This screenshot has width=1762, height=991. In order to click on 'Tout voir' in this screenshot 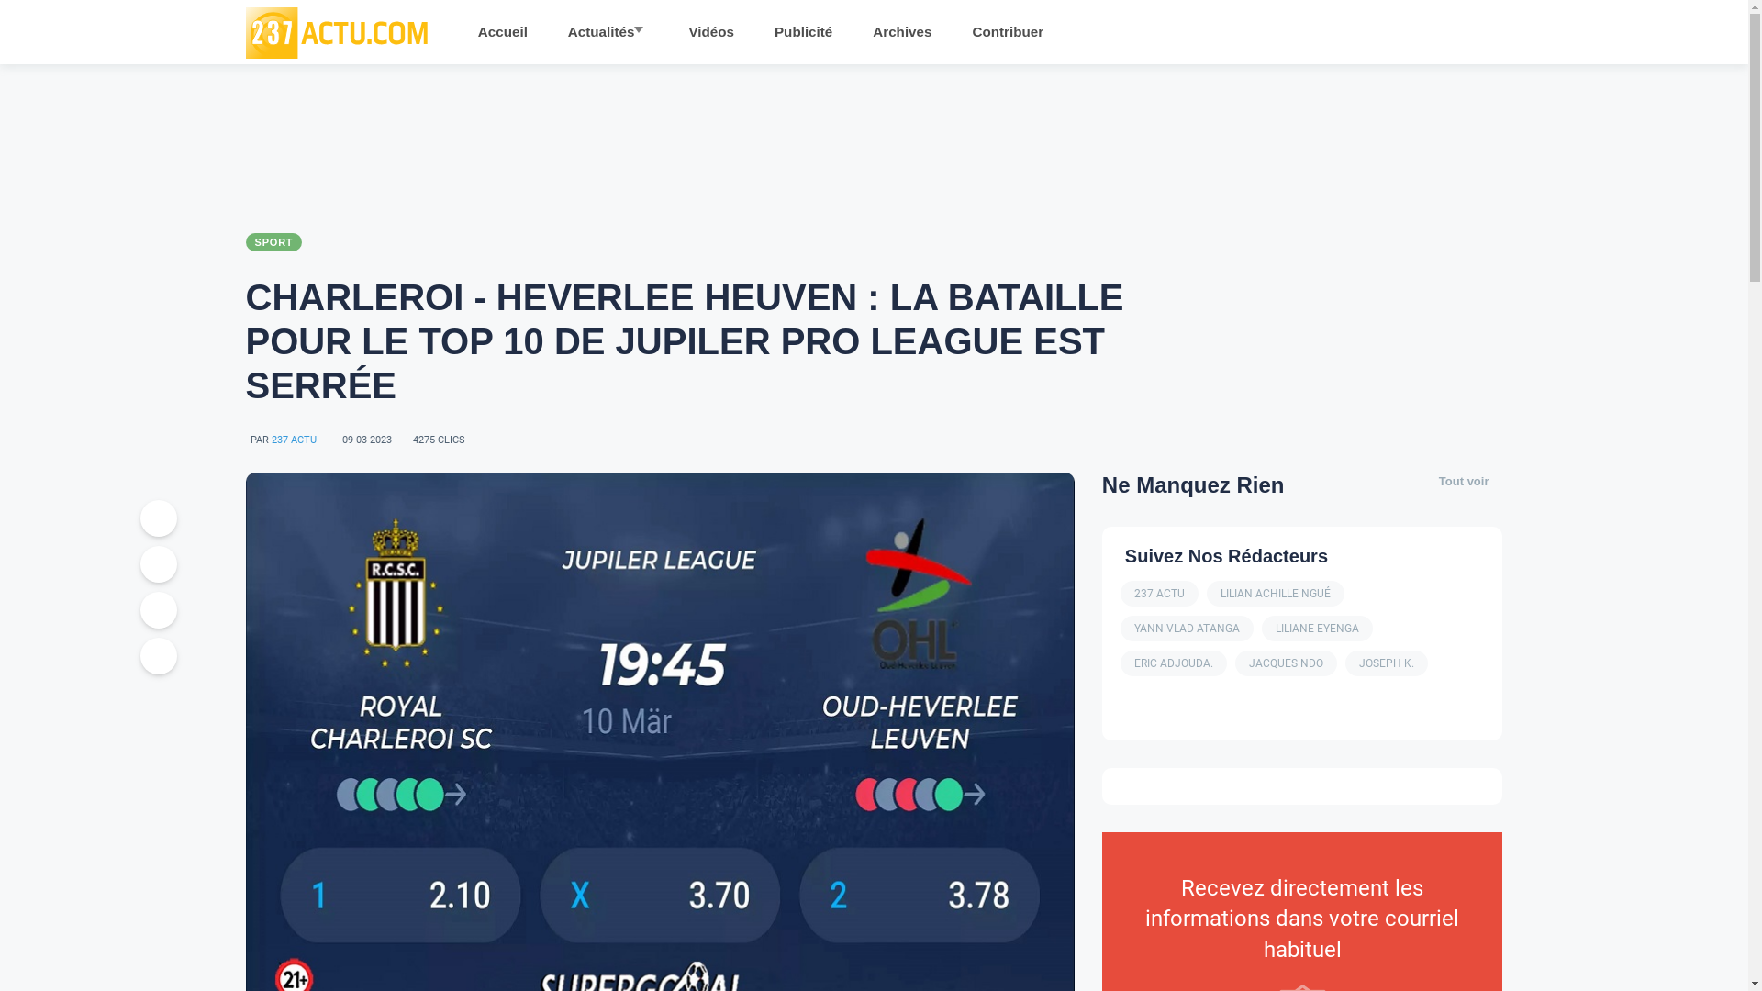, I will do `click(1463, 480)`.